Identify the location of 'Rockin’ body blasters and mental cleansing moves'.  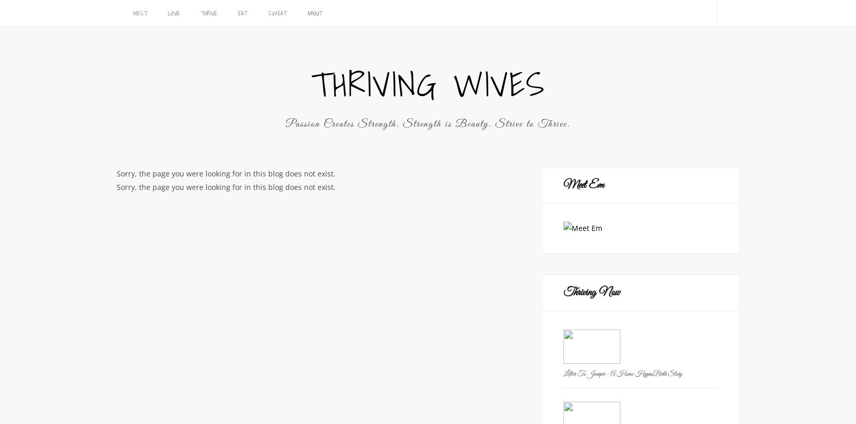
(321, 38).